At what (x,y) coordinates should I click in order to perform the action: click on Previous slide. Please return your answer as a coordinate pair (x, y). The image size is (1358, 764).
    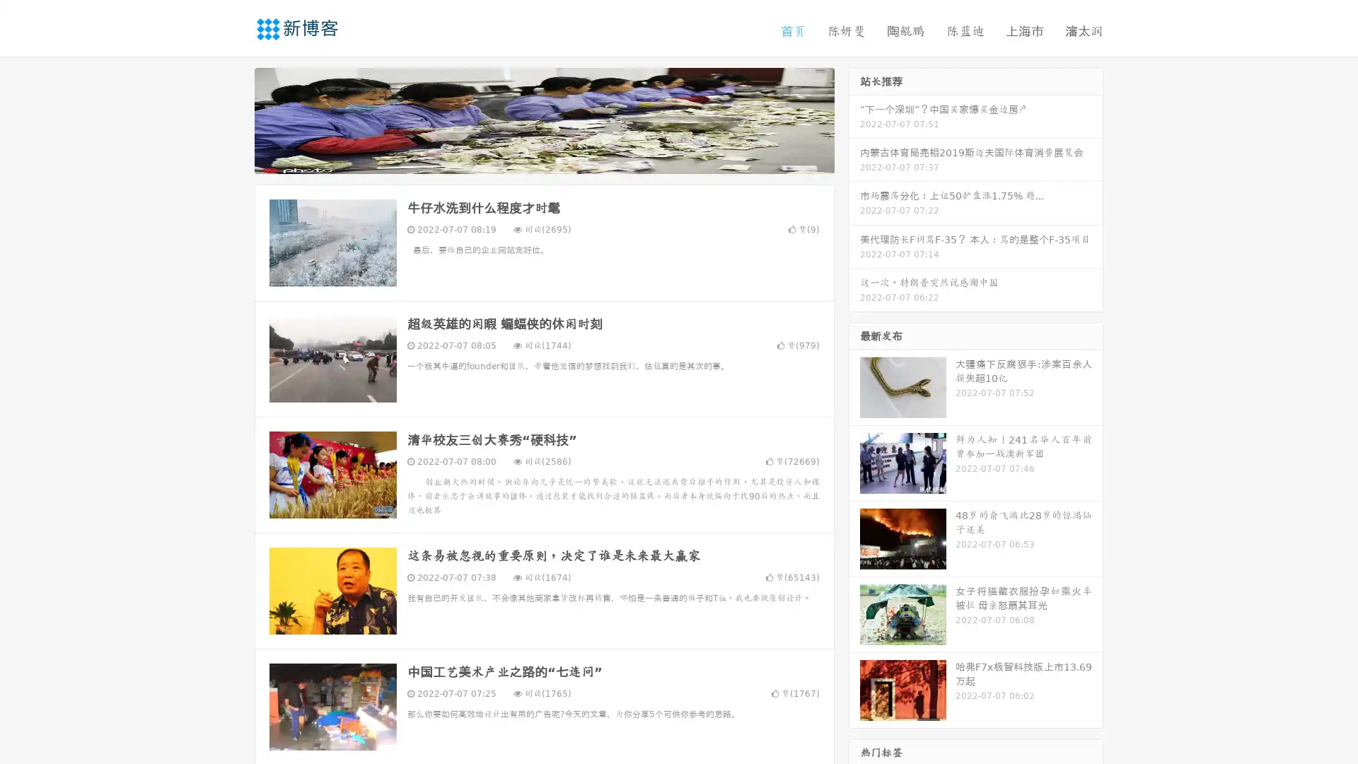
    Looking at the image, I should click on (233, 119).